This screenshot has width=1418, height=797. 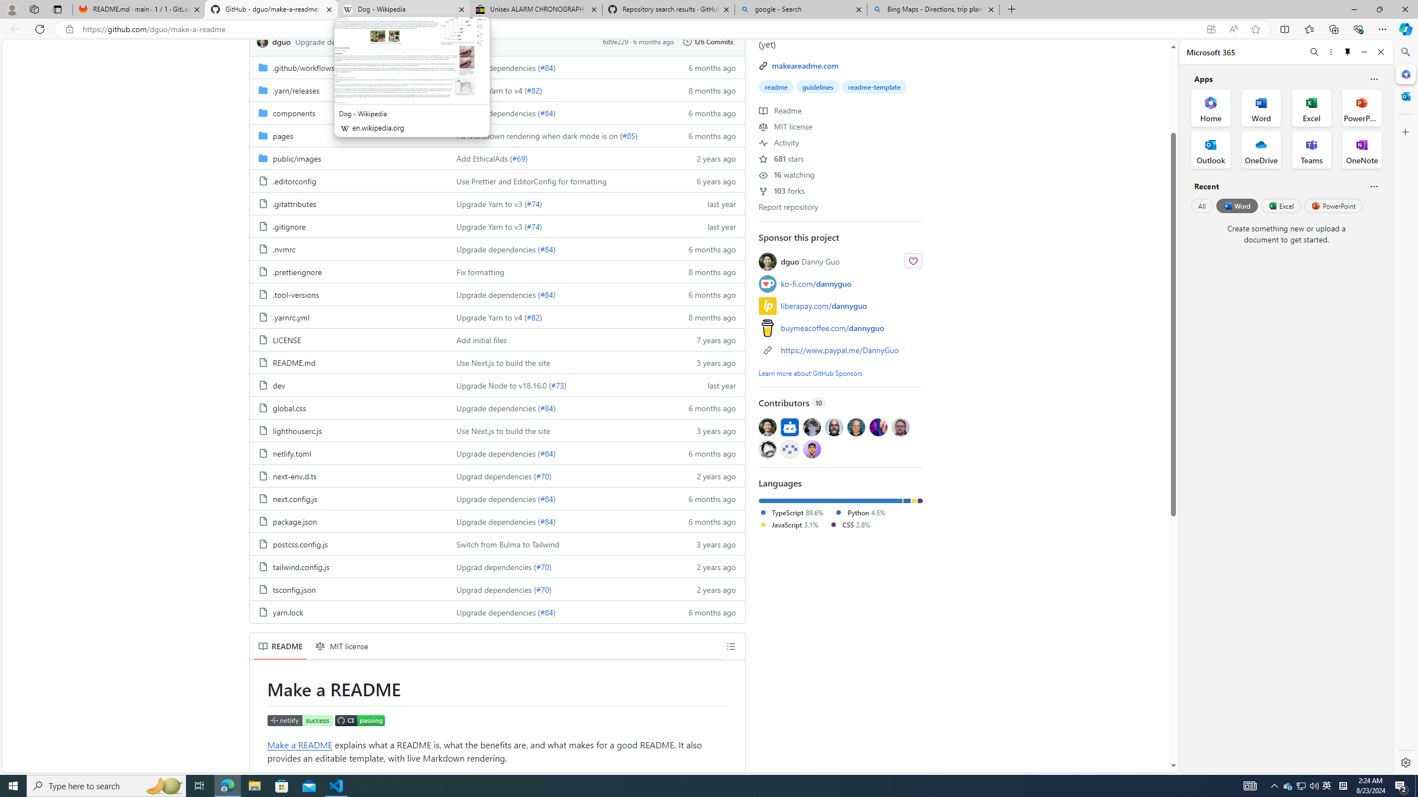 I want to click on 'lighthouserc.js, (File)', so click(x=348, y=430).